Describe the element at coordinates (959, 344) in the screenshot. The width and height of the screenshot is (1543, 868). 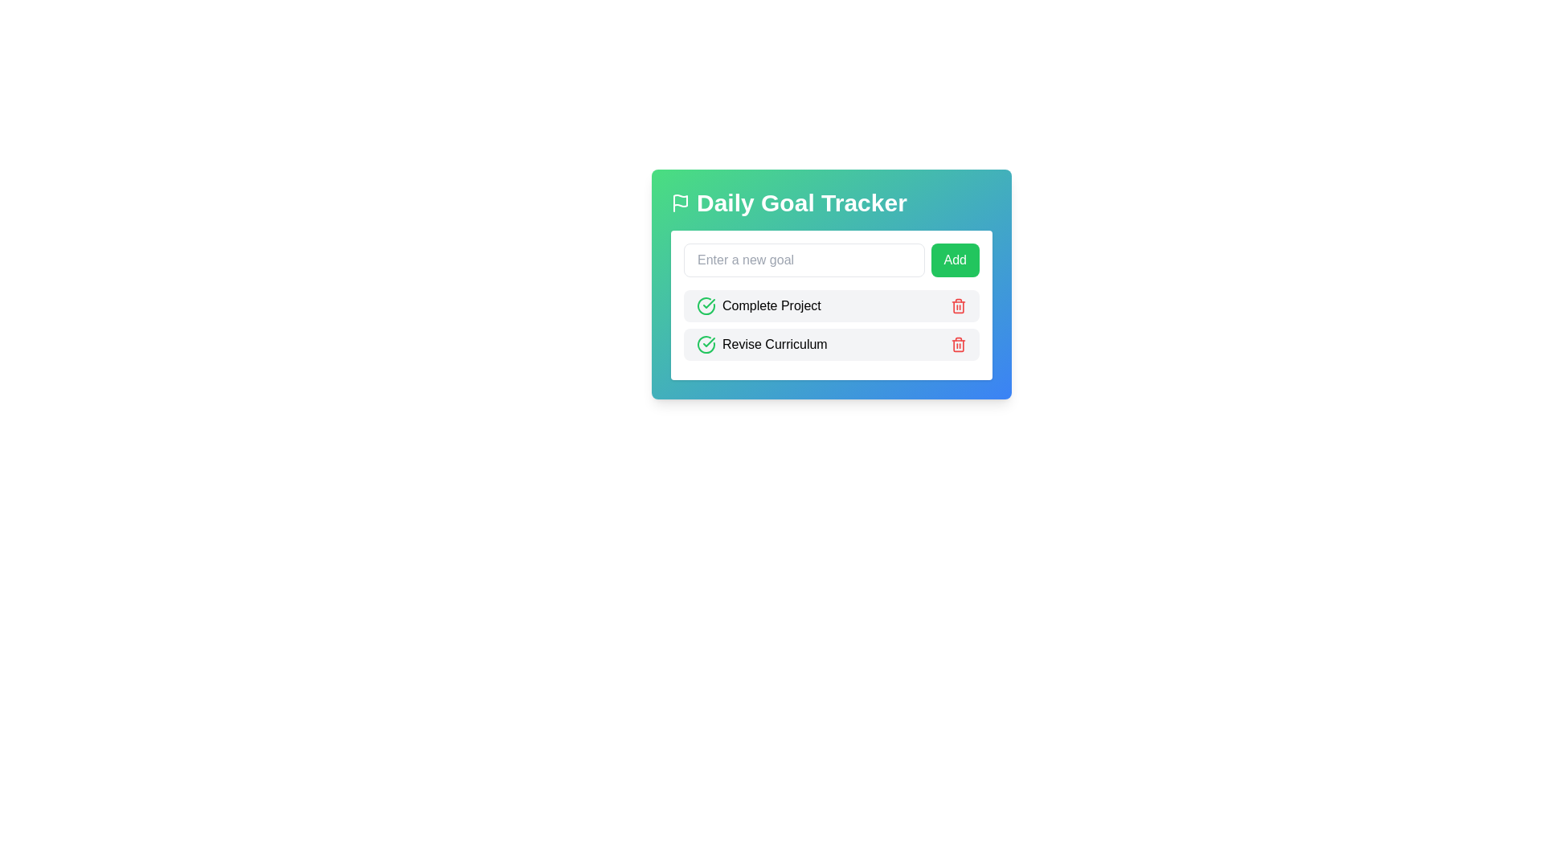
I see `the vertical rectangular graphical icon resembling the side of a trash can frame, located within the trash can icon group` at that location.